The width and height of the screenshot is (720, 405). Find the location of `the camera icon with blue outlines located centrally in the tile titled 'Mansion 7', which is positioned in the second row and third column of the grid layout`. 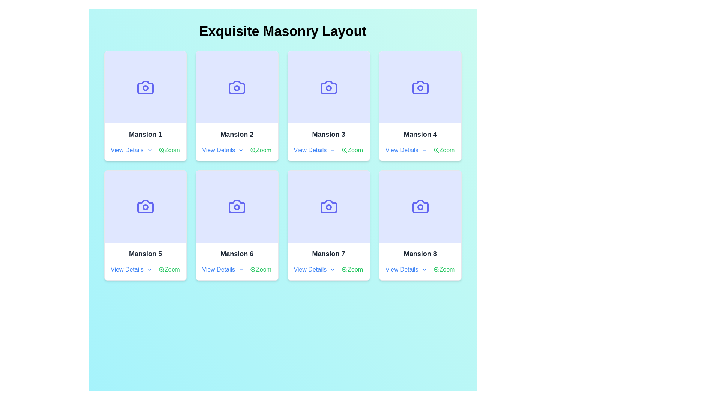

the camera icon with blue outlines located centrally in the tile titled 'Mansion 7', which is positioned in the second row and third column of the grid layout is located at coordinates (328, 207).